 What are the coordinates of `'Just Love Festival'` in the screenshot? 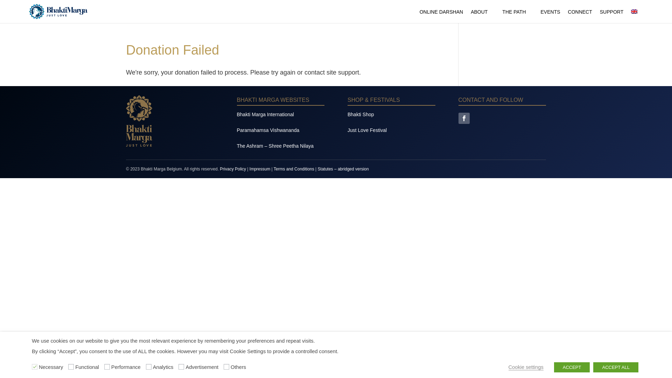 It's located at (367, 130).